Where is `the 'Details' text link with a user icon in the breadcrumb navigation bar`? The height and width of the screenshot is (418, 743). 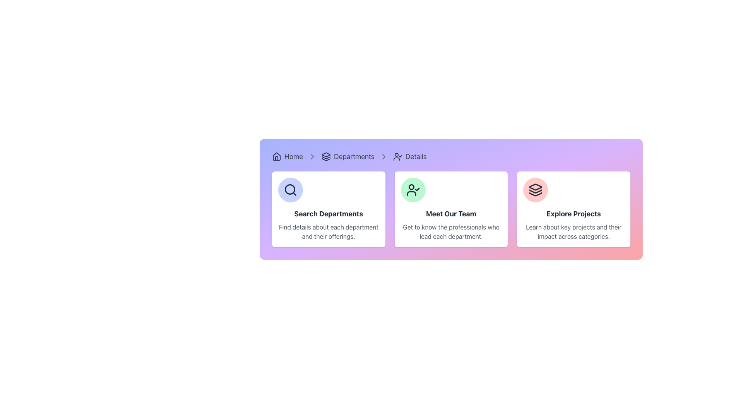 the 'Details' text link with a user icon in the breadcrumb navigation bar is located at coordinates (409, 157).